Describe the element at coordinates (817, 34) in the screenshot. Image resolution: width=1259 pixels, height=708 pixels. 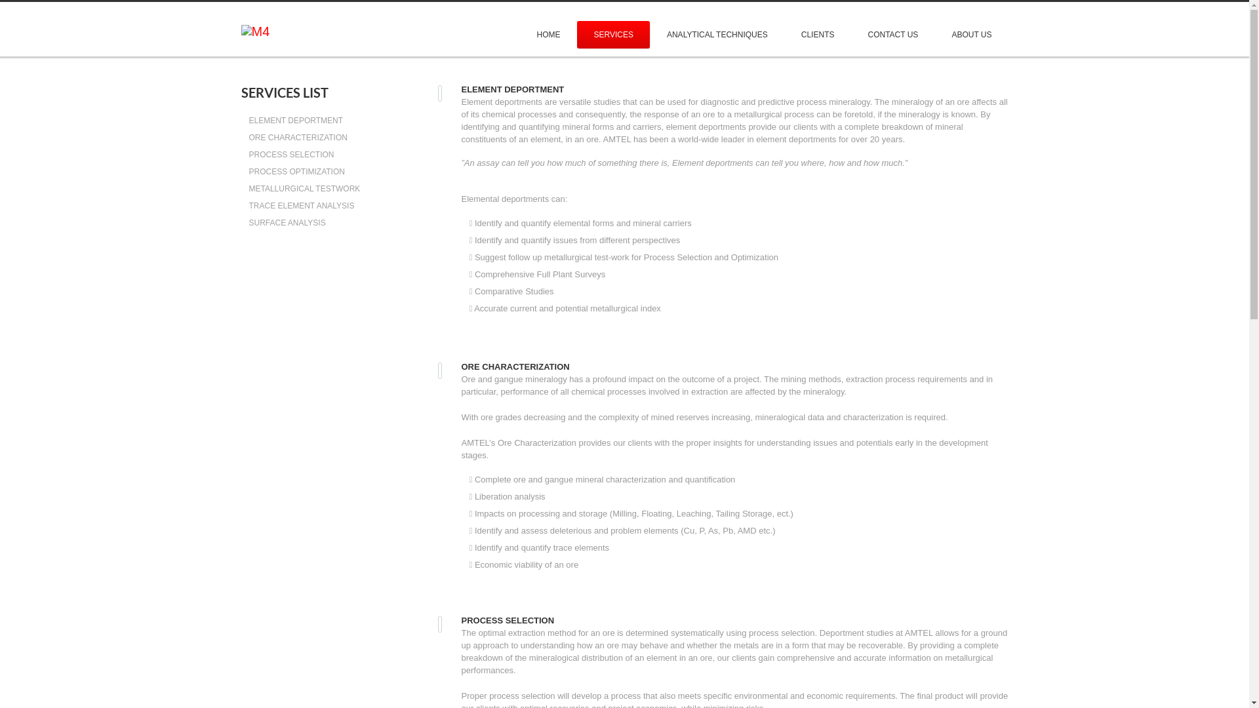
I see `'CLIENTS'` at that location.